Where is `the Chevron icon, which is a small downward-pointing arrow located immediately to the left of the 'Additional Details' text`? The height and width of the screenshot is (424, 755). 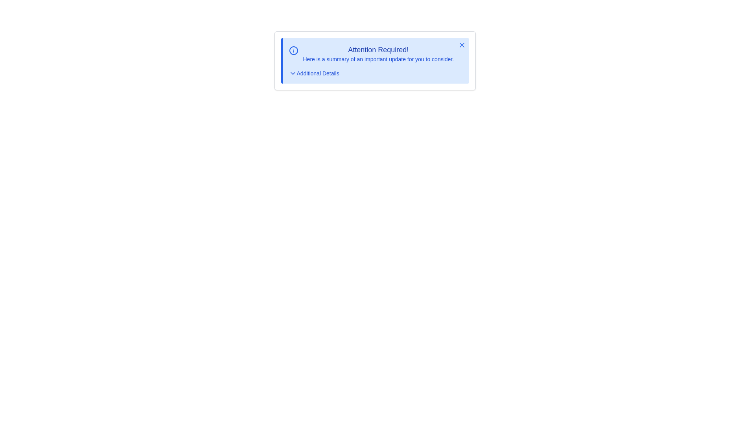
the Chevron icon, which is a small downward-pointing arrow located immediately to the left of the 'Additional Details' text is located at coordinates (292, 73).